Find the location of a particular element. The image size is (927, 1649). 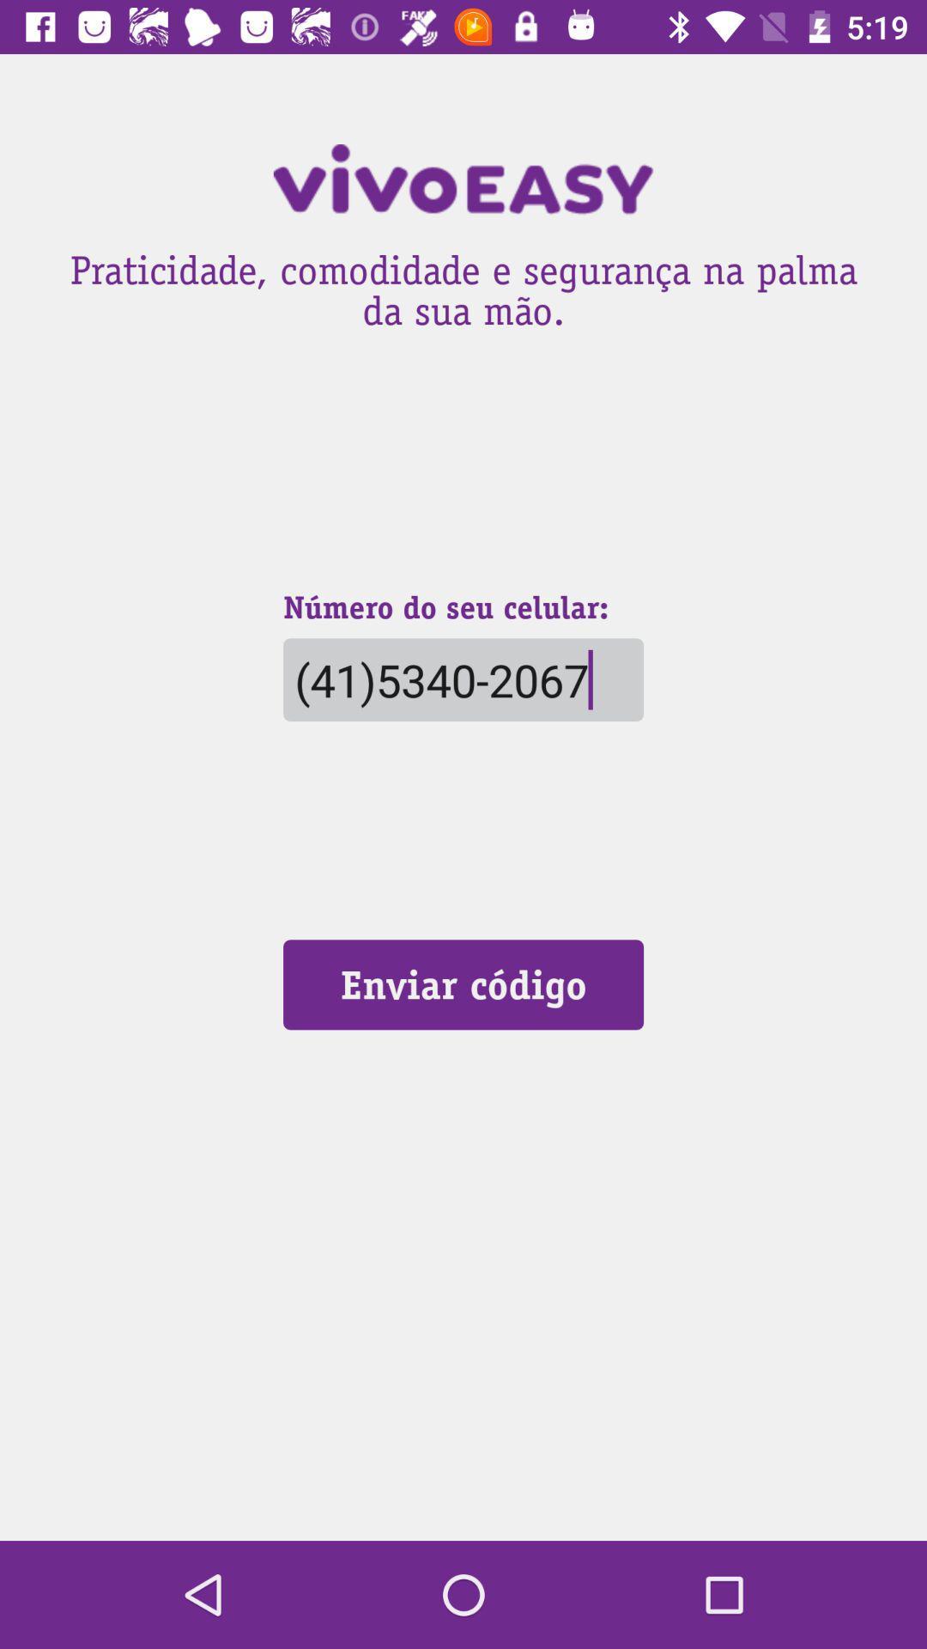

the praticidade comodidade e is located at coordinates (463, 284).